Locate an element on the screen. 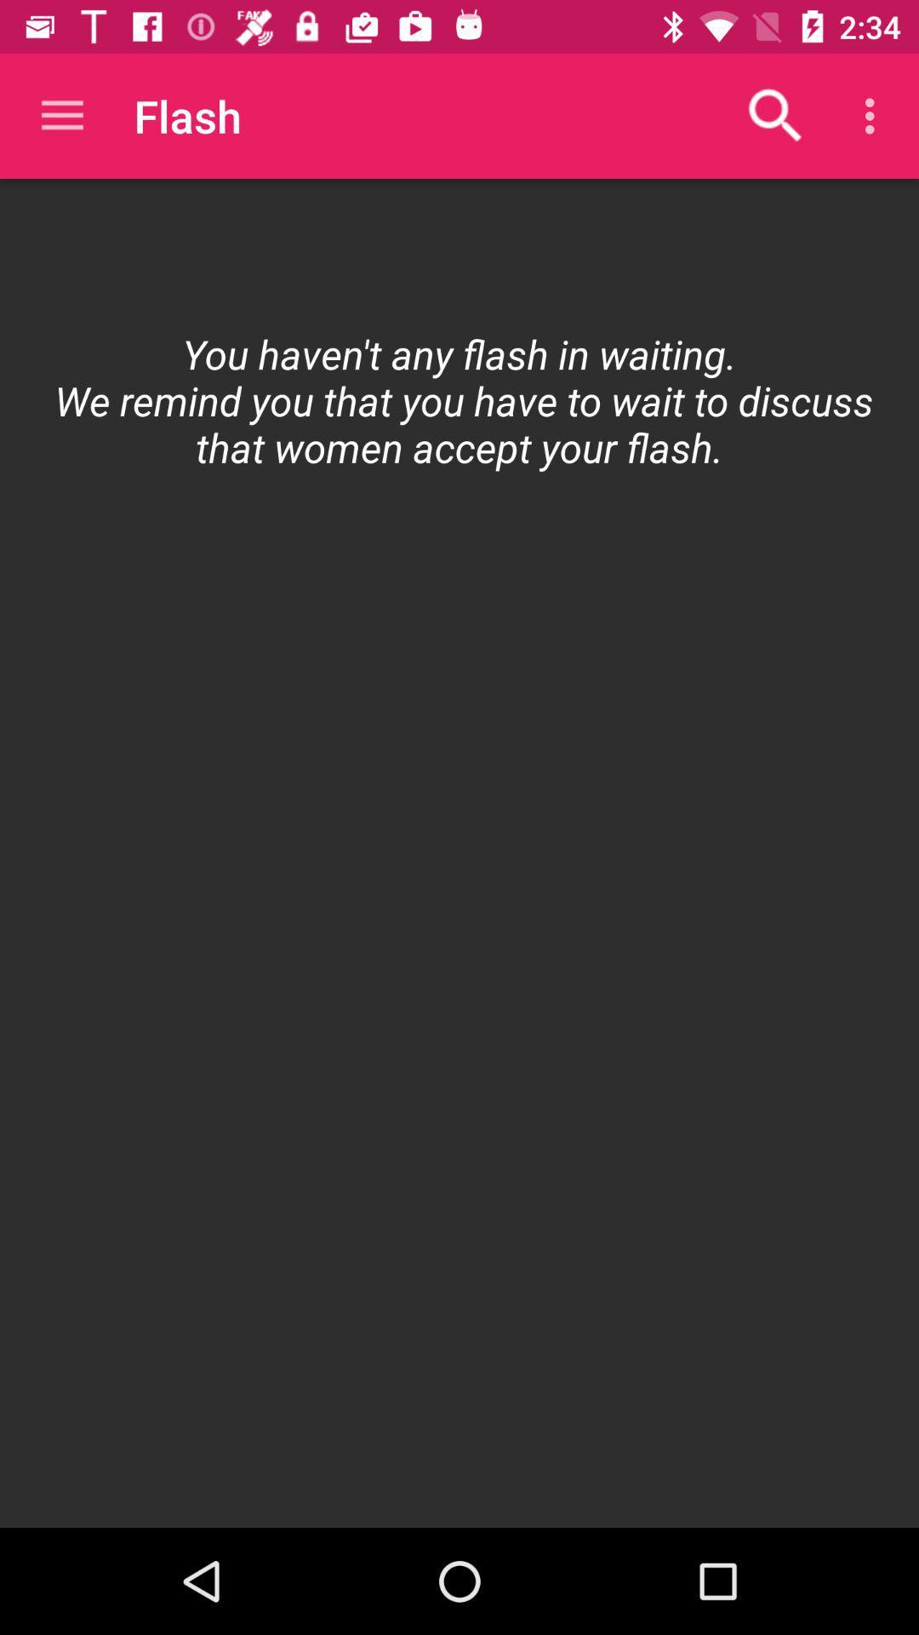 This screenshot has height=1635, width=919. the item above the   icon is located at coordinates (775, 115).